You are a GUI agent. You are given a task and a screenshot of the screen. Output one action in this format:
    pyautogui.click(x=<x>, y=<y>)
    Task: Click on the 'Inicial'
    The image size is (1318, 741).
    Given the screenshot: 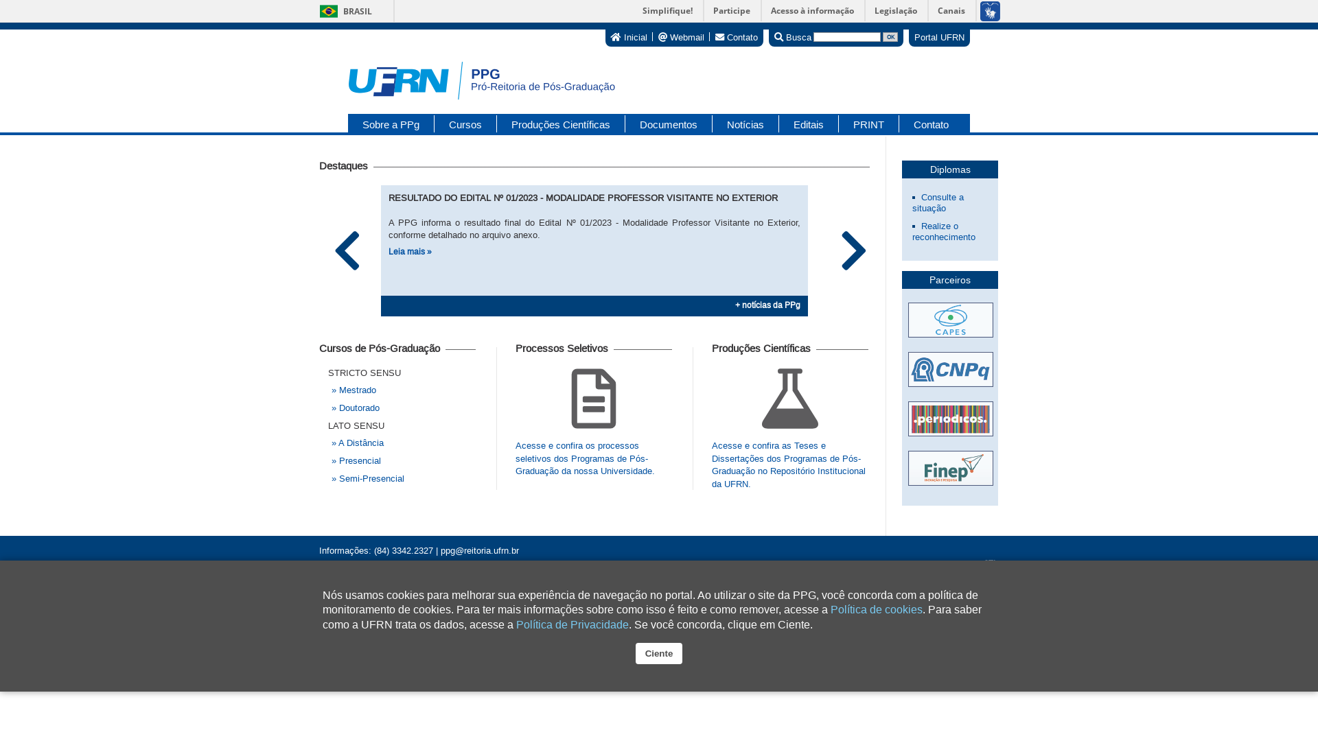 What is the action you would take?
    pyautogui.click(x=628, y=36)
    